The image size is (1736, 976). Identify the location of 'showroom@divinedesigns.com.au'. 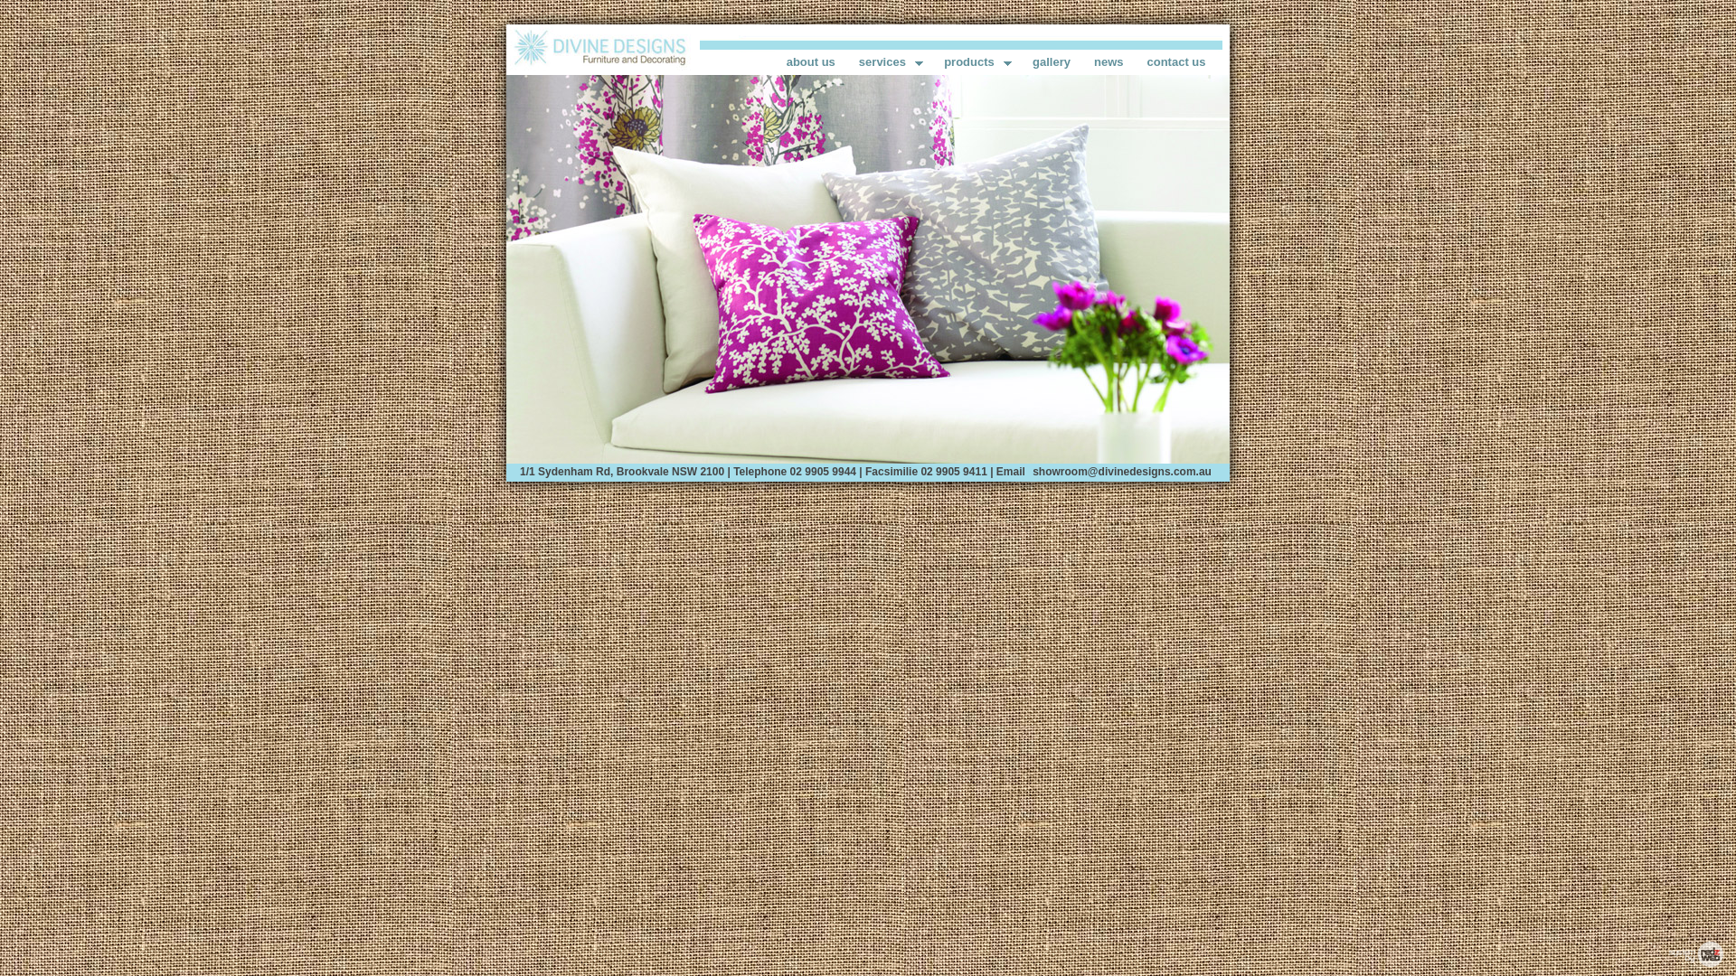
(1121, 469).